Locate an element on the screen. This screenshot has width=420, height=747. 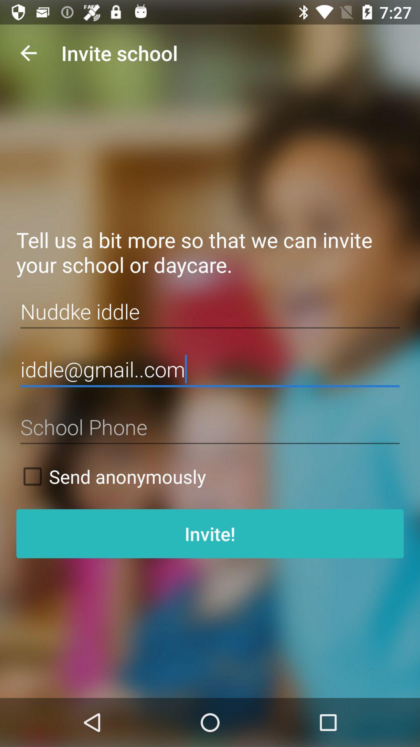
text box to enter phone number is located at coordinates (210, 427).